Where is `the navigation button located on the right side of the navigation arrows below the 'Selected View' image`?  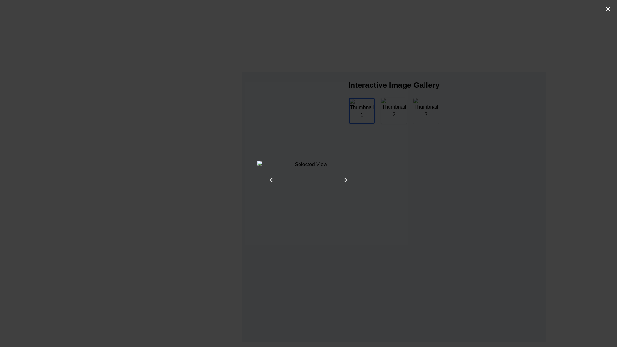 the navigation button located on the right side of the navigation arrows below the 'Selected View' image is located at coordinates (345, 180).